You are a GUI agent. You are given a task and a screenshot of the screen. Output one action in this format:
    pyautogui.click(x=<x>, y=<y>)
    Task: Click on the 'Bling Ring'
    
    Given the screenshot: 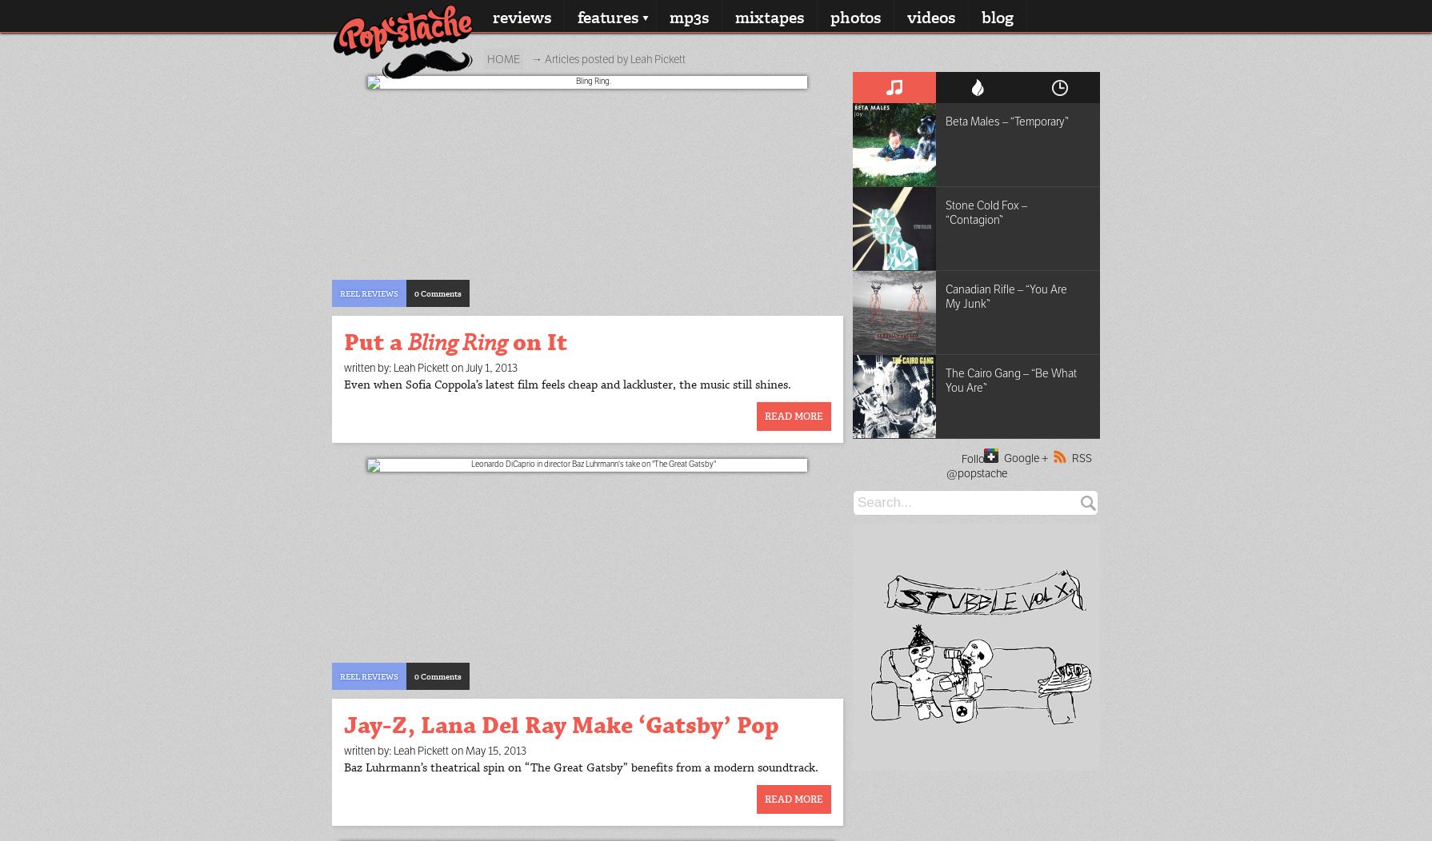 What is the action you would take?
    pyautogui.click(x=406, y=342)
    